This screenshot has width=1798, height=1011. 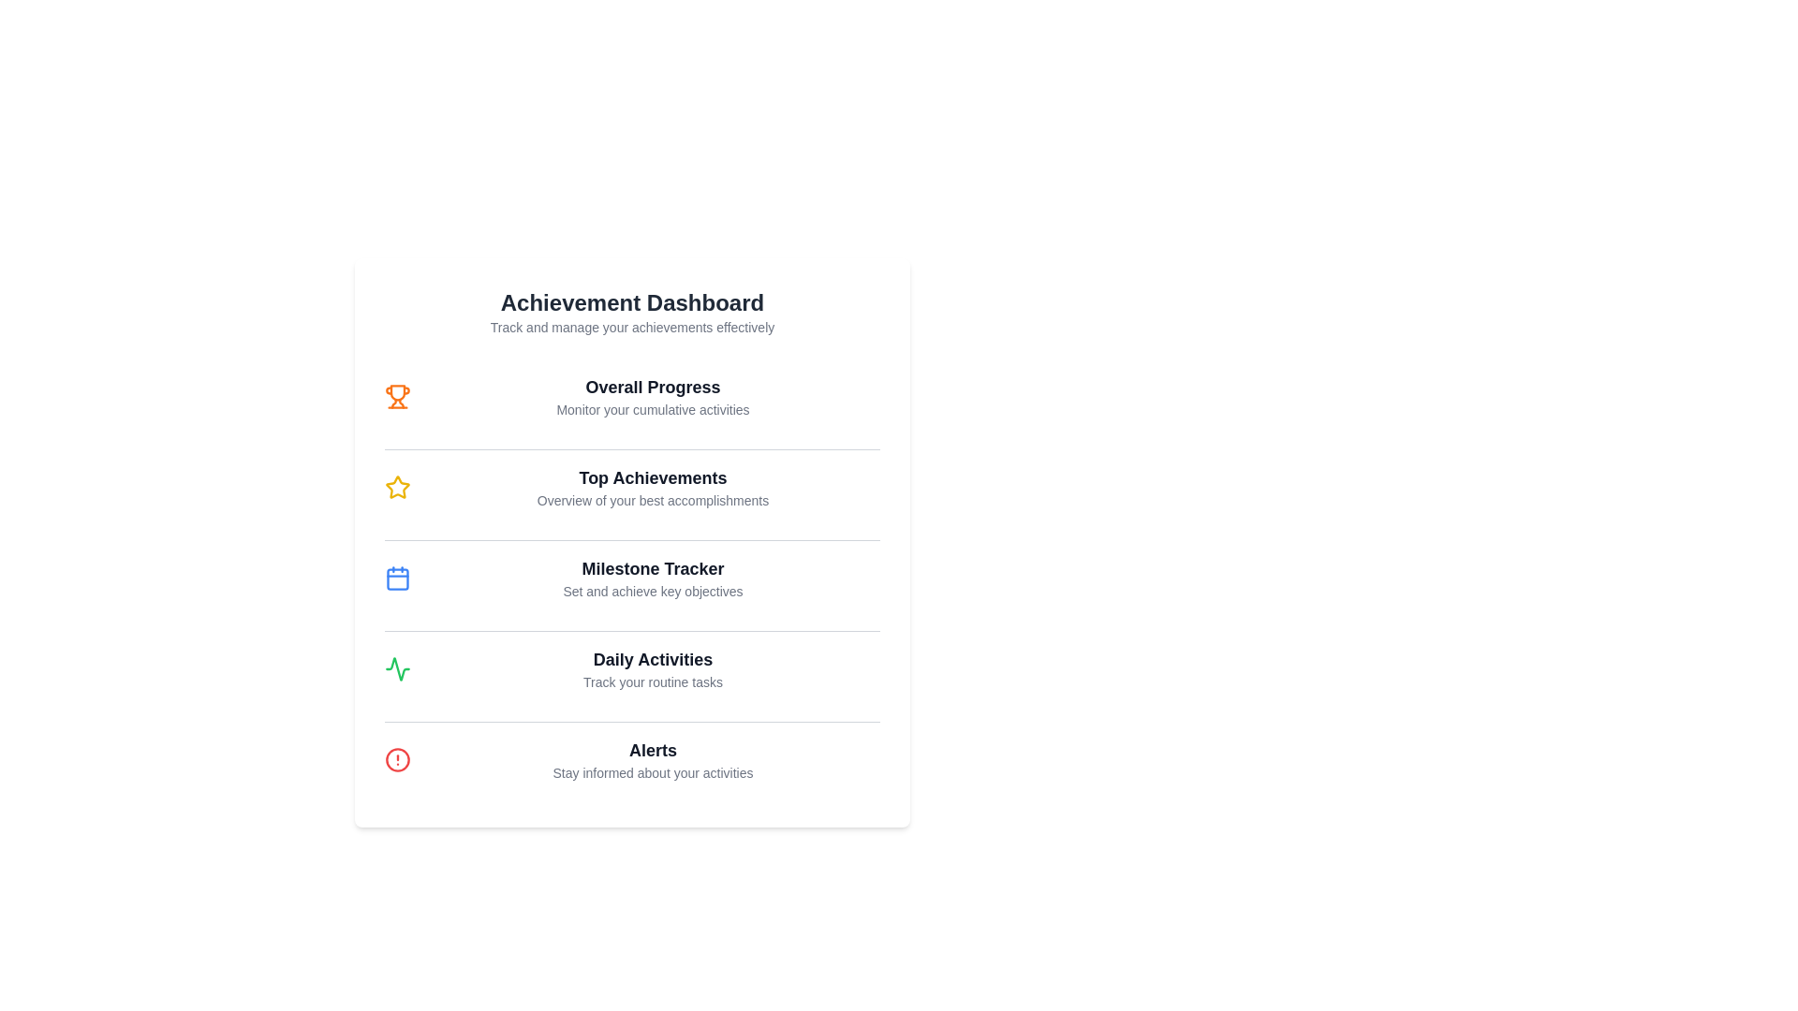 I want to click on the blue calendar icon located to the left of the 'Milestone Tracker' text, which is the first element in that grouping under the 'Top Achievements' section, so click(x=397, y=577).